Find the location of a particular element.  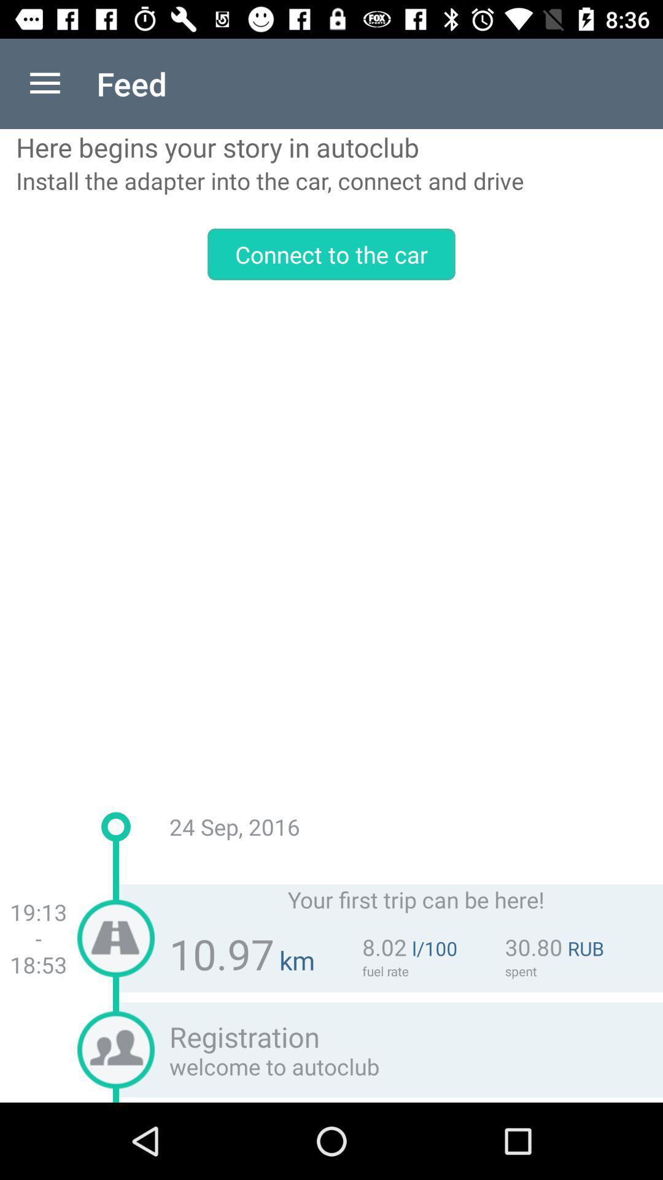

the item above here begins your is located at coordinates (44, 83).